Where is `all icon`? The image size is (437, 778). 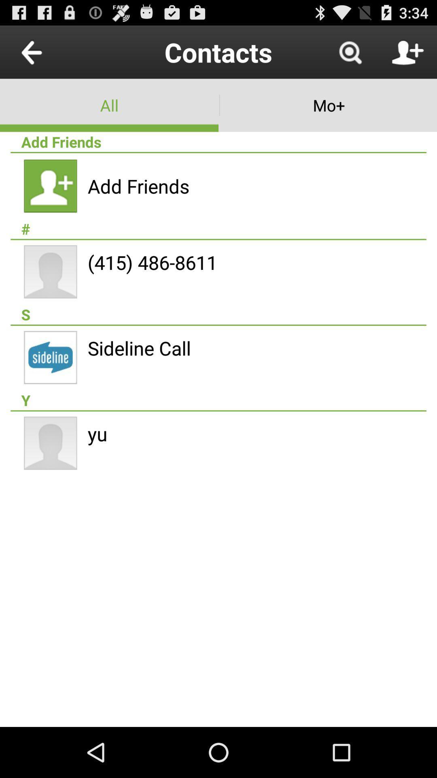 all icon is located at coordinates (109, 105).